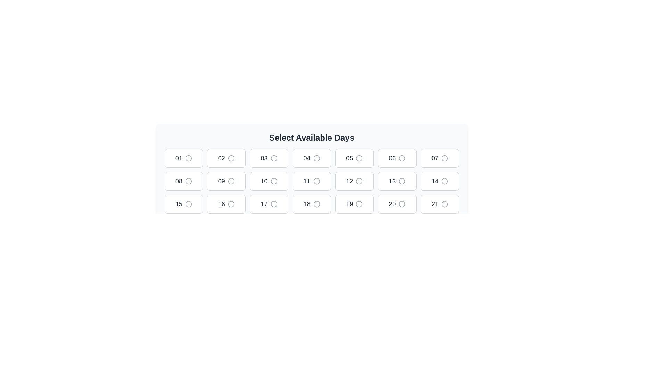 Image resolution: width=667 pixels, height=375 pixels. What do you see at coordinates (221, 181) in the screenshot?
I see `displayed number '09' from the text label within the selectable options under 'Select Available Days.'` at bounding box center [221, 181].